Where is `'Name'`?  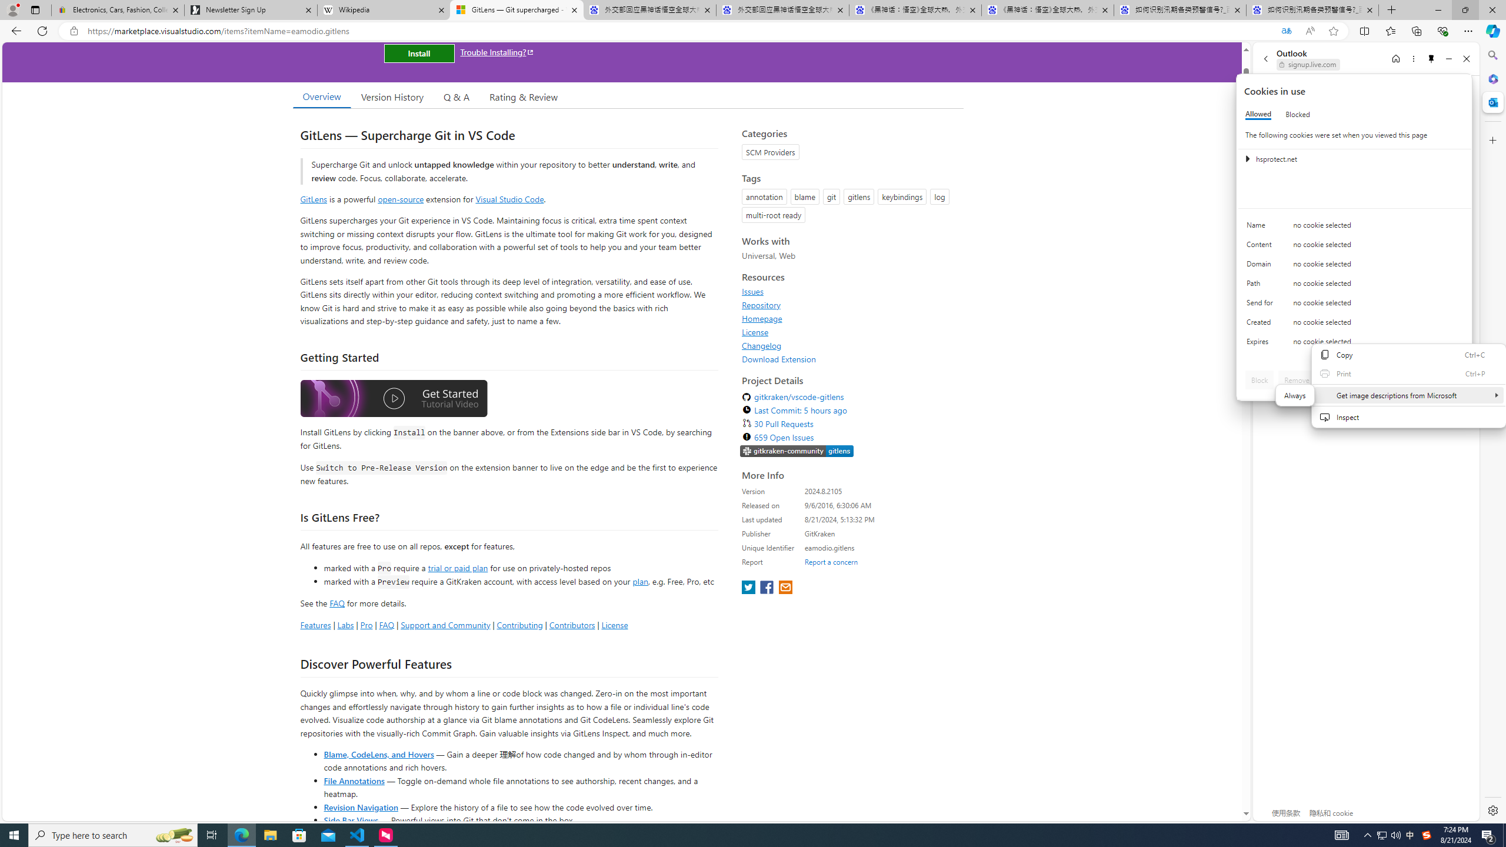
'Name' is located at coordinates (1261, 227).